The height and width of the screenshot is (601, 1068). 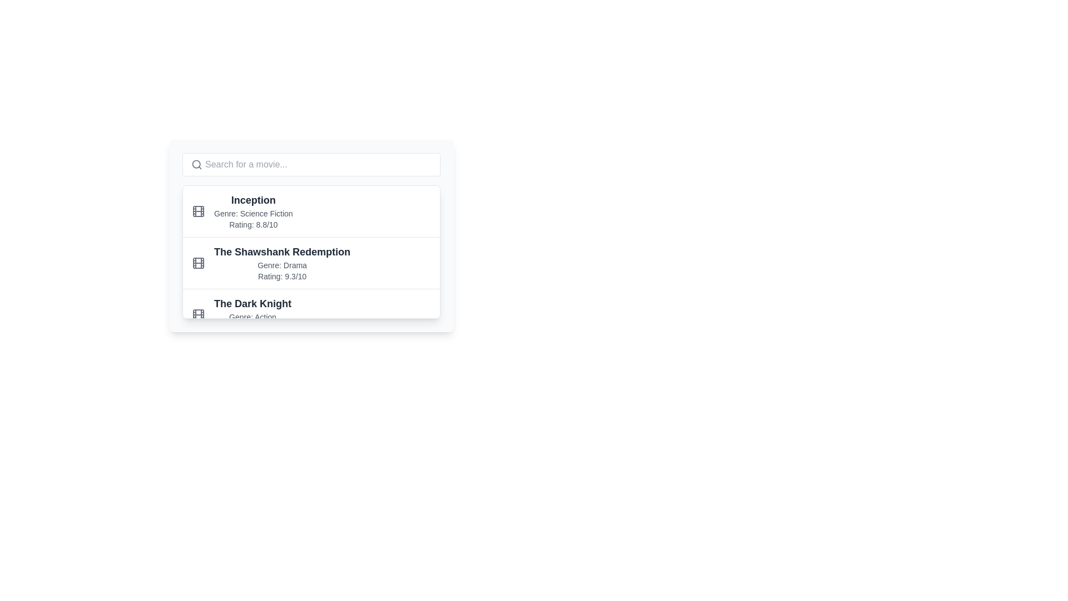 What do you see at coordinates (252, 304) in the screenshot?
I see `text 'The Dark Knight' which is prominently displayed in bold and larger font, located in the lower part of the movie listing interface, above 'Genre: Action' and 'Rating: 9/10'` at bounding box center [252, 304].